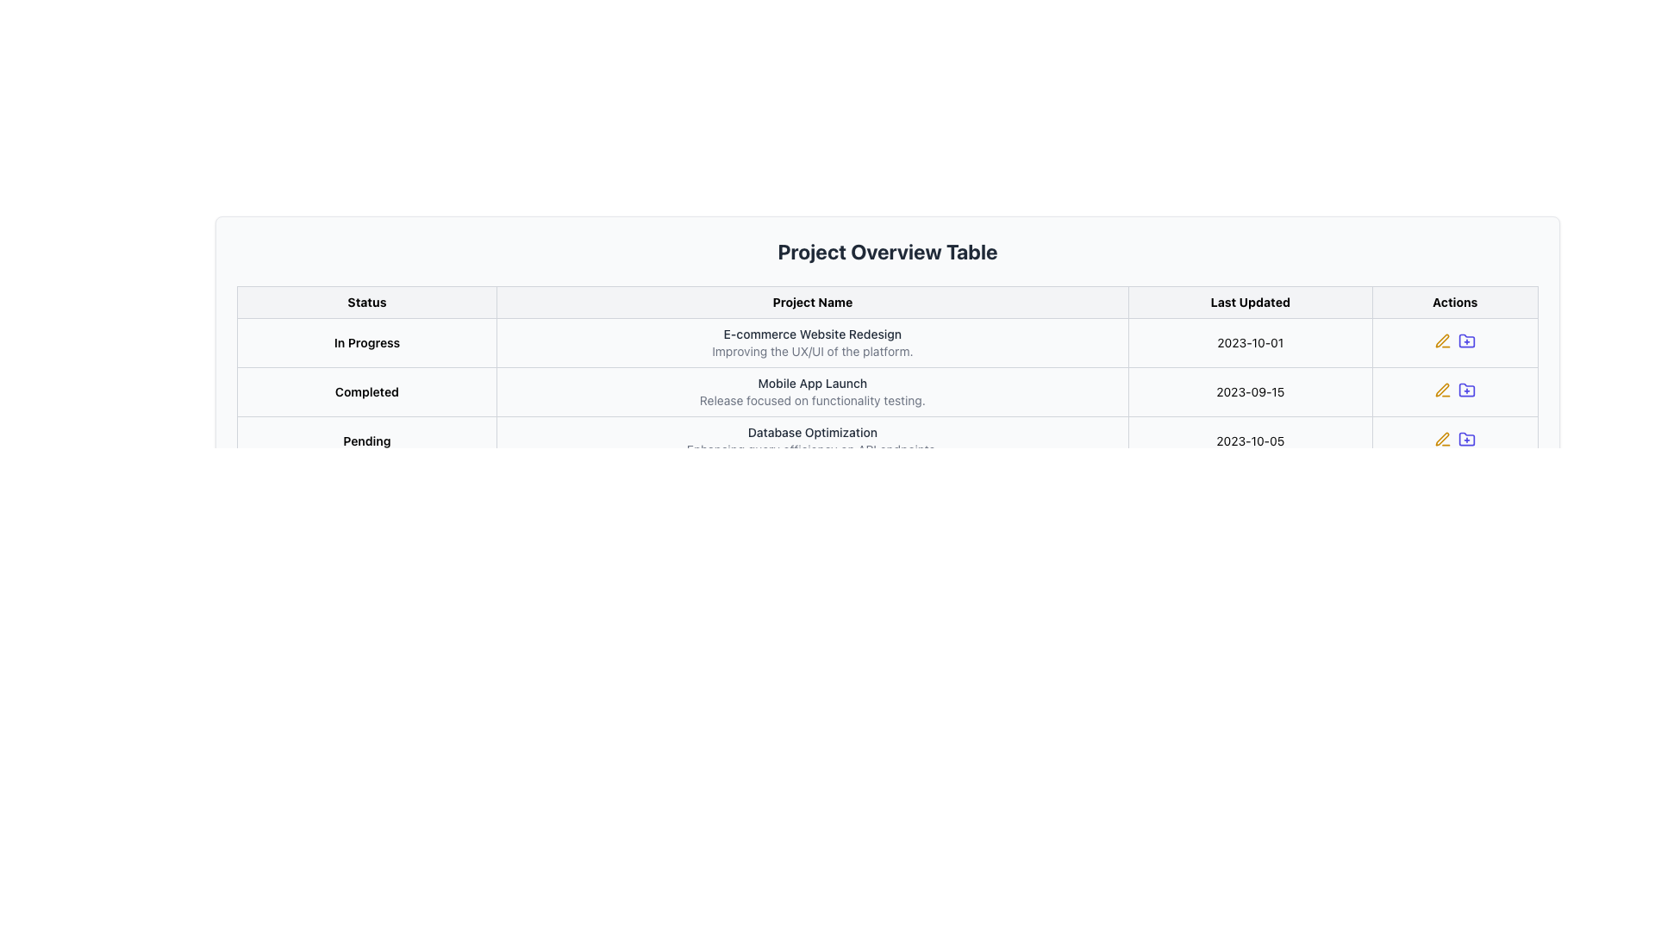 The height and width of the screenshot is (931, 1655). I want to click on the 'Actions' header cell in the table header, which is the rightmost element in the header row containing 'Status', 'Project Name', 'Last Updated', and 'Actions', so click(1454, 302).